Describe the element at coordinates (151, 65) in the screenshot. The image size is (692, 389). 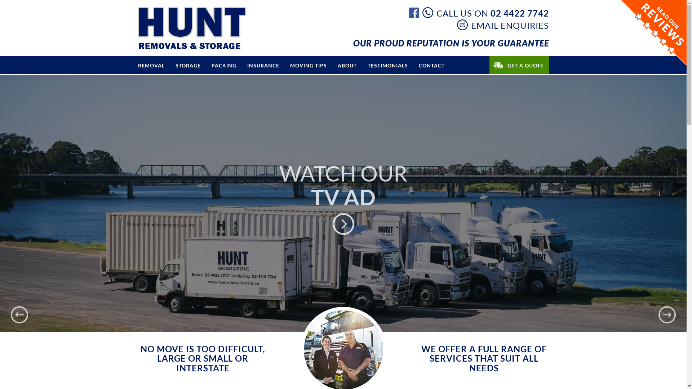
I see `'REMOVAL'` at that location.